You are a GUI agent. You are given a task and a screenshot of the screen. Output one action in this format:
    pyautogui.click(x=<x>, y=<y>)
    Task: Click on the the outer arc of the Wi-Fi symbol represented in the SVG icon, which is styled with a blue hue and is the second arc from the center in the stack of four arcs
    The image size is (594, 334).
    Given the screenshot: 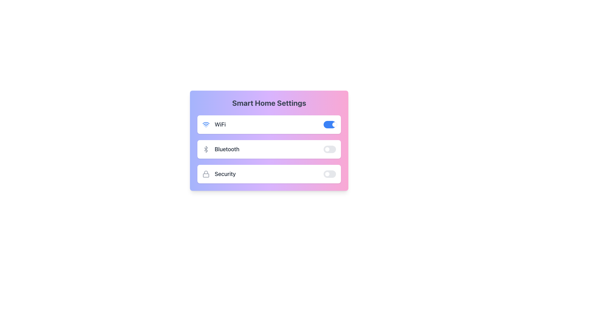 What is the action you would take?
    pyautogui.click(x=206, y=123)
    